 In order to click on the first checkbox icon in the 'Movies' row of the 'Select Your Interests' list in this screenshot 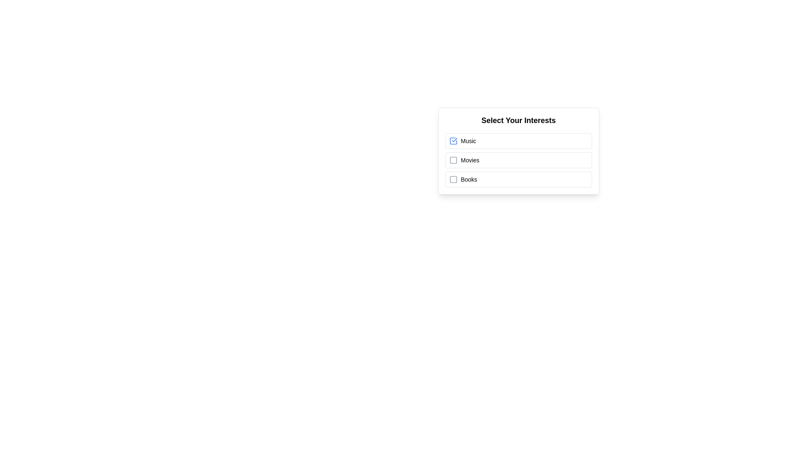, I will do `click(453, 160)`.